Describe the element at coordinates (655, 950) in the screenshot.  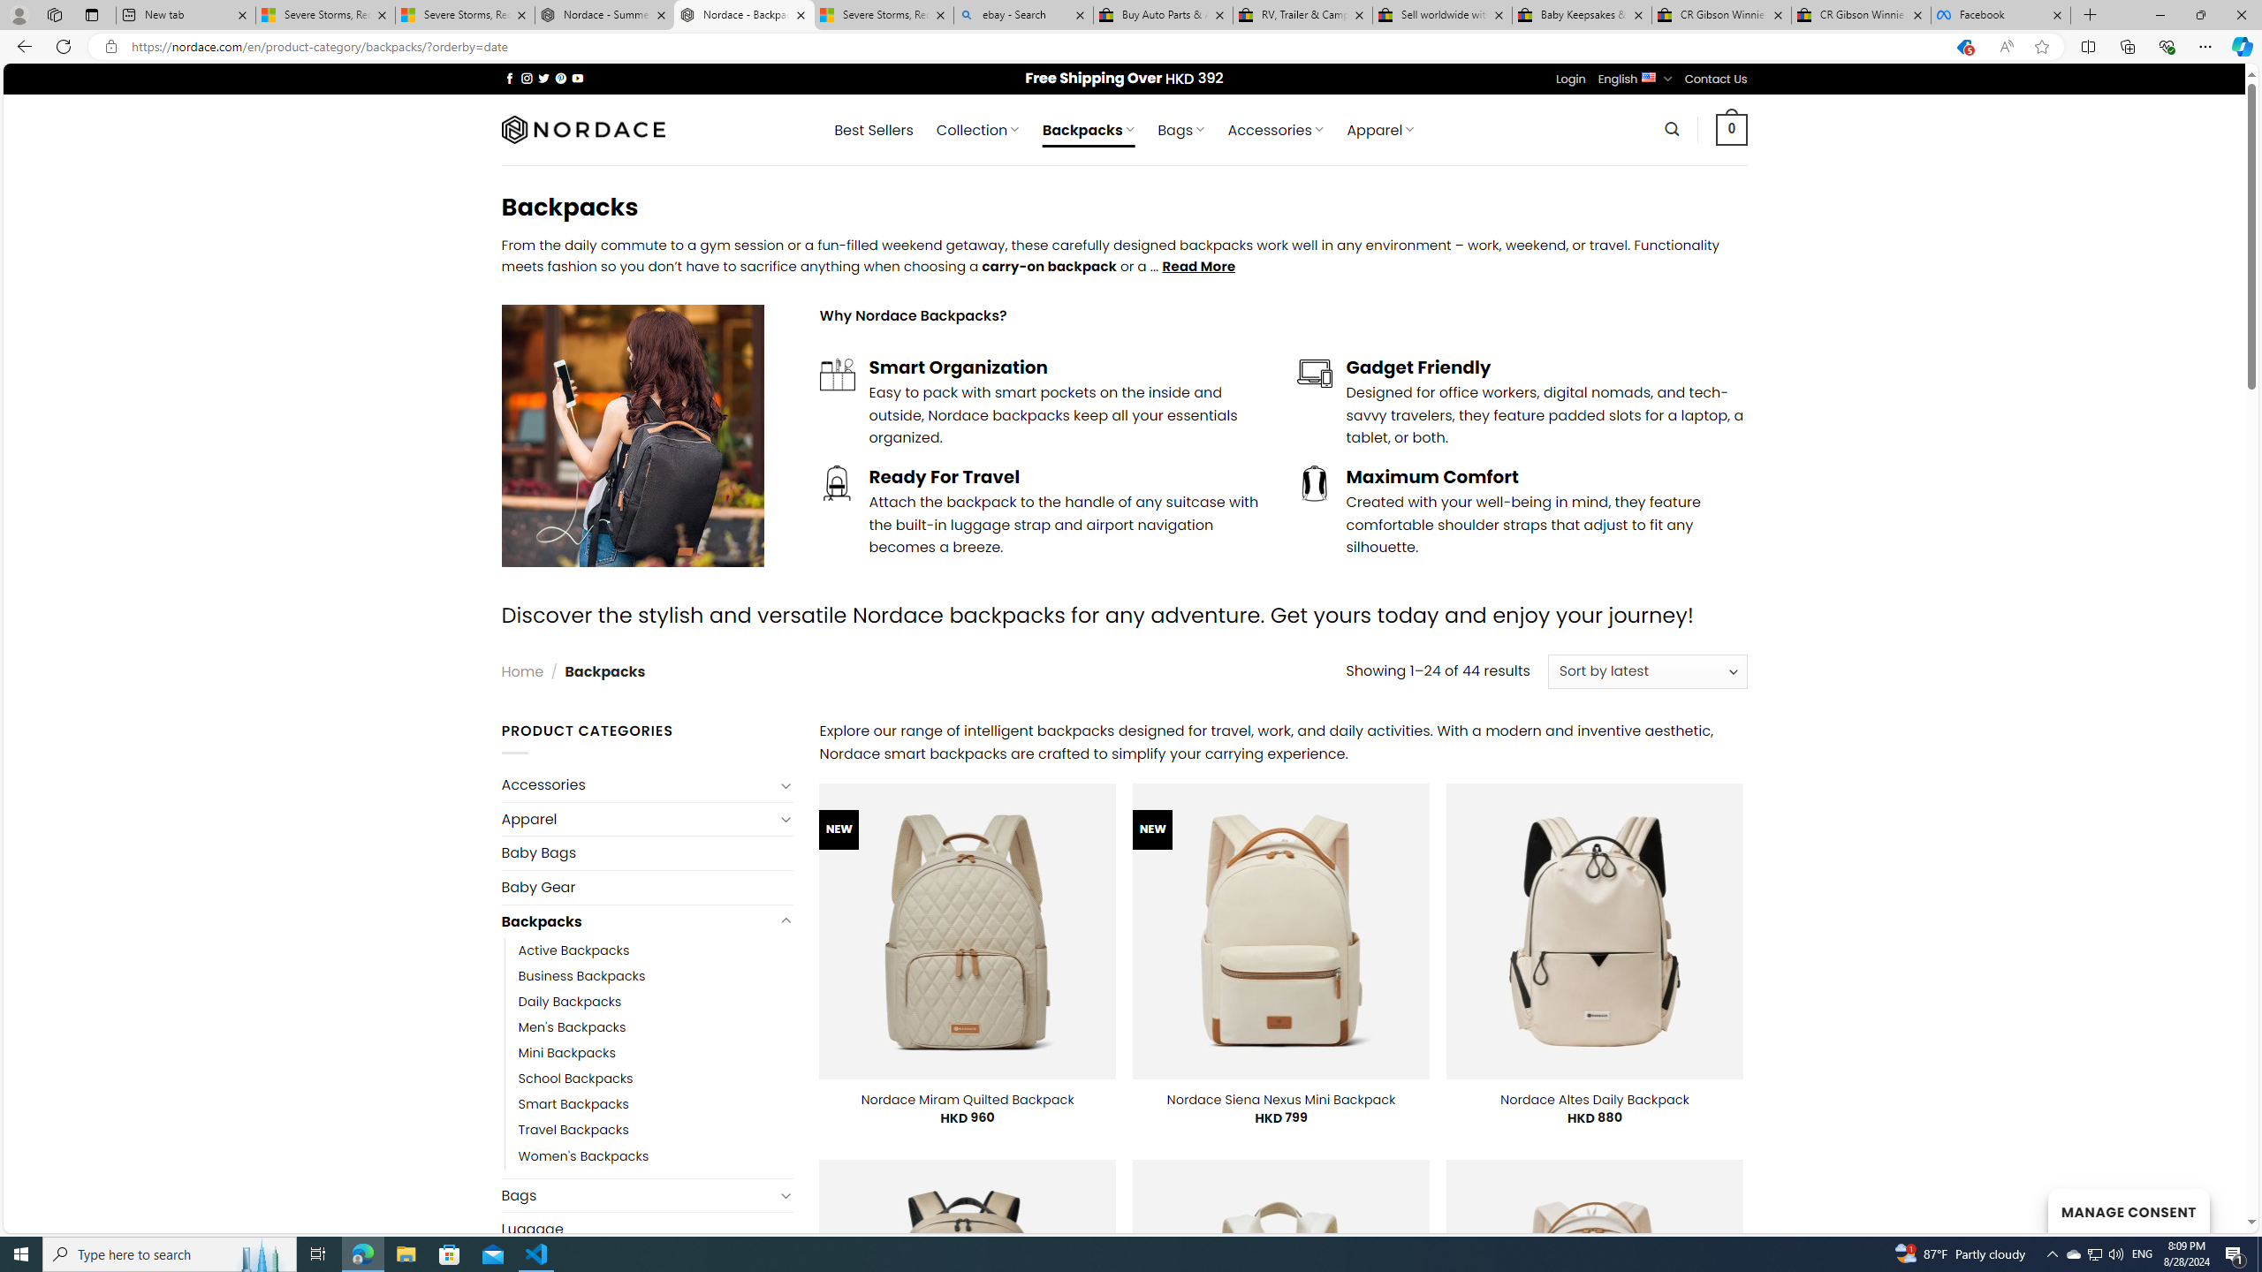
I see `'Active Backpacks'` at that location.